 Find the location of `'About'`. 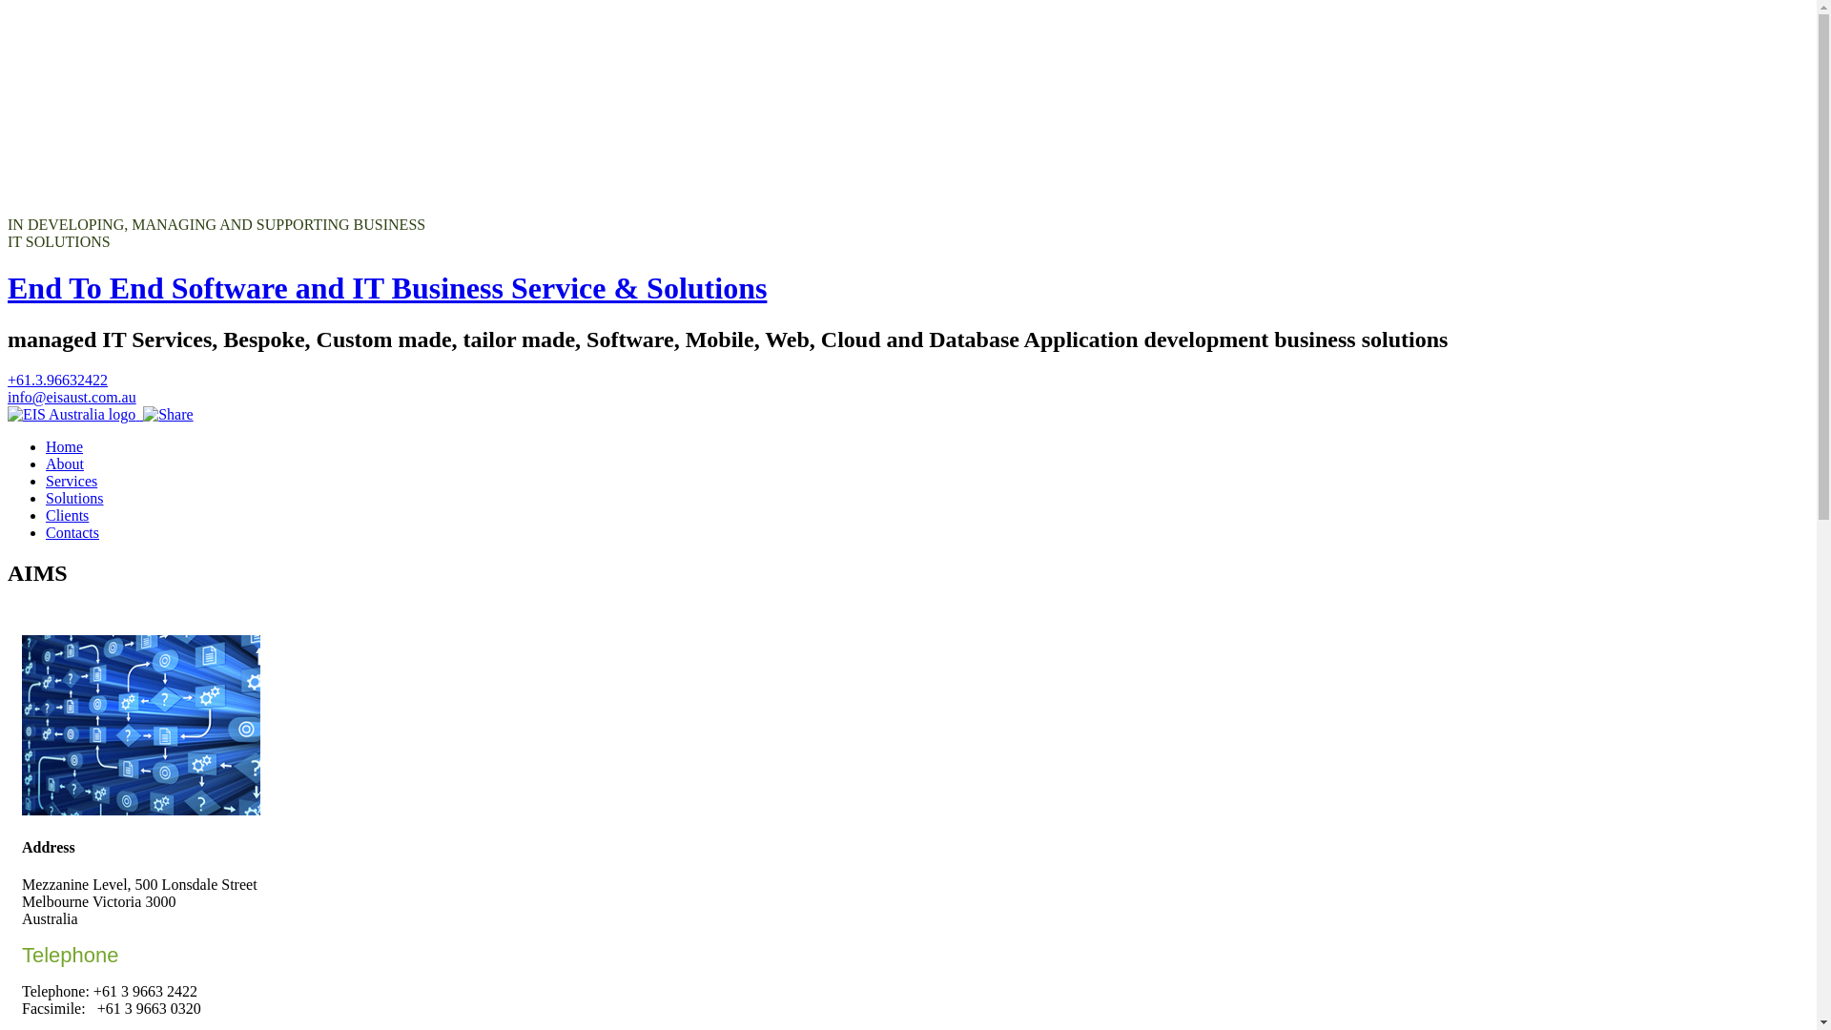

'About' is located at coordinates (46, 463).